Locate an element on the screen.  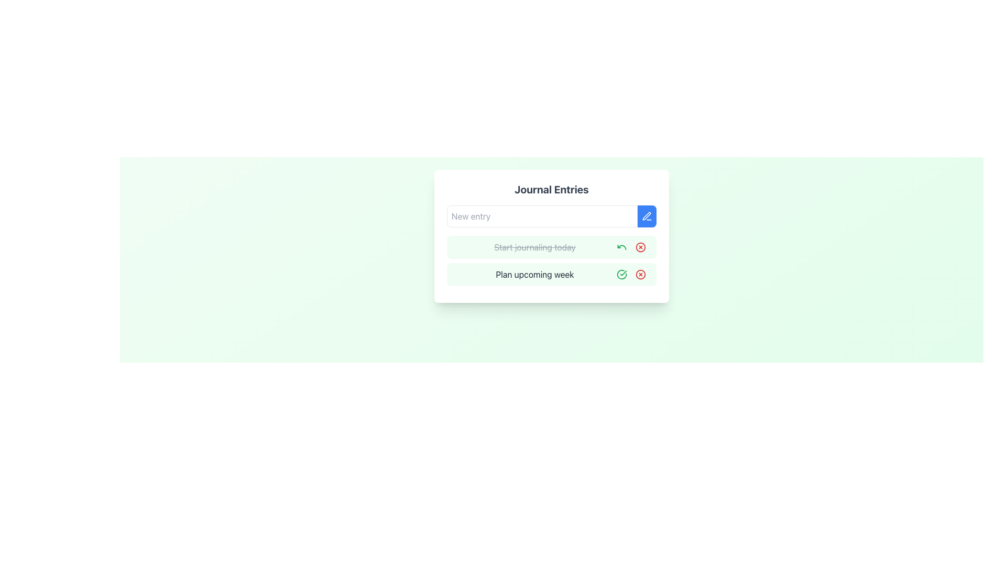
the first entry in the 'Journal Entries' section, which is a green-highlighted bar with strikethrough text 'Start journaling today' and action buttons on the right is located at coordinates (551, 247).